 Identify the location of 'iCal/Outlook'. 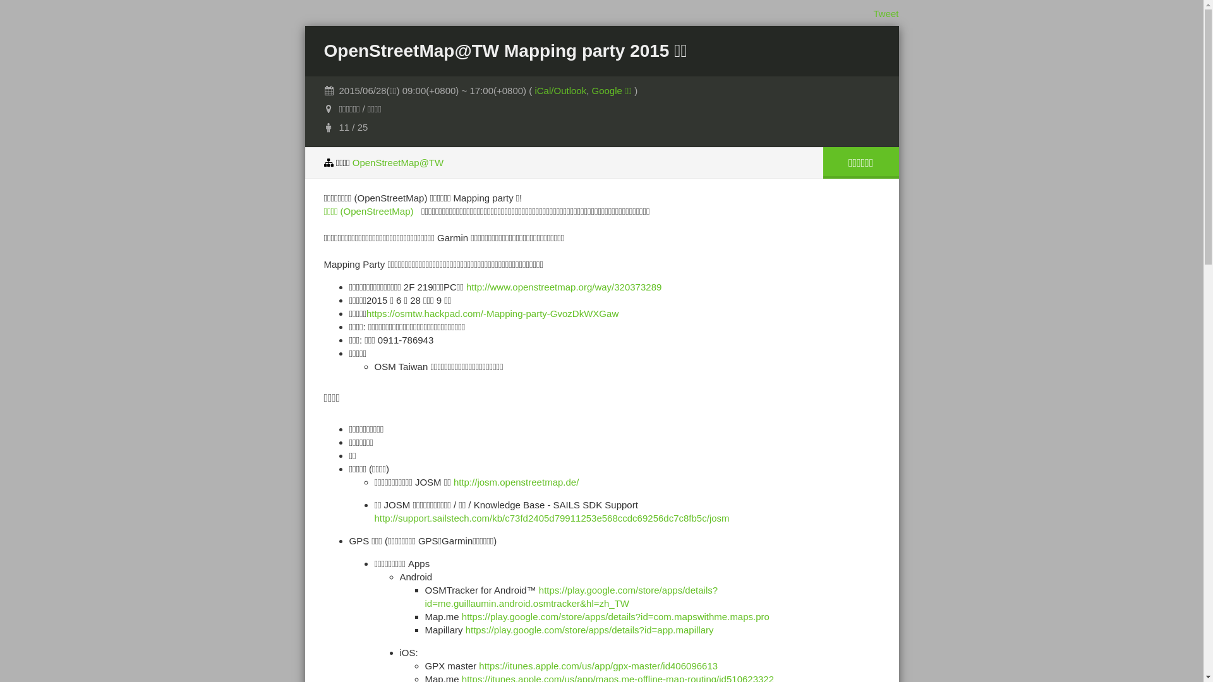
(534, 90).